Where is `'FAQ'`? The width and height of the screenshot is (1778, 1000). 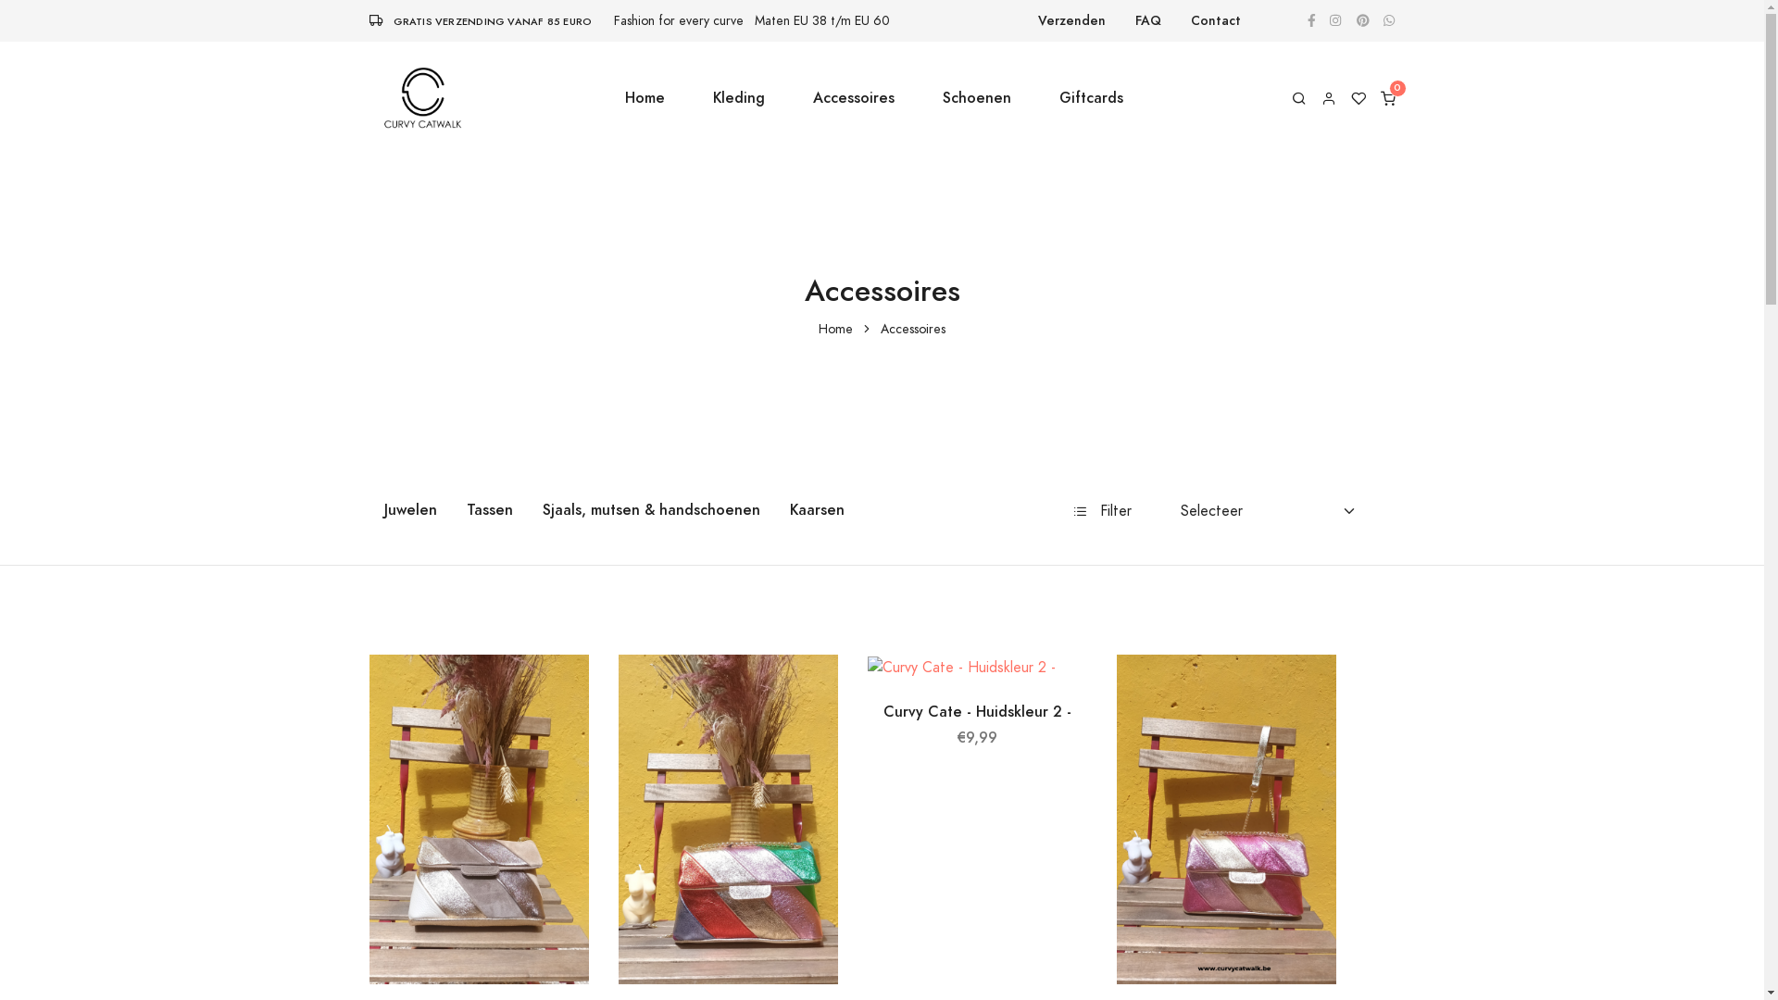
'FAQ' is located at coordinates (1146, 20).